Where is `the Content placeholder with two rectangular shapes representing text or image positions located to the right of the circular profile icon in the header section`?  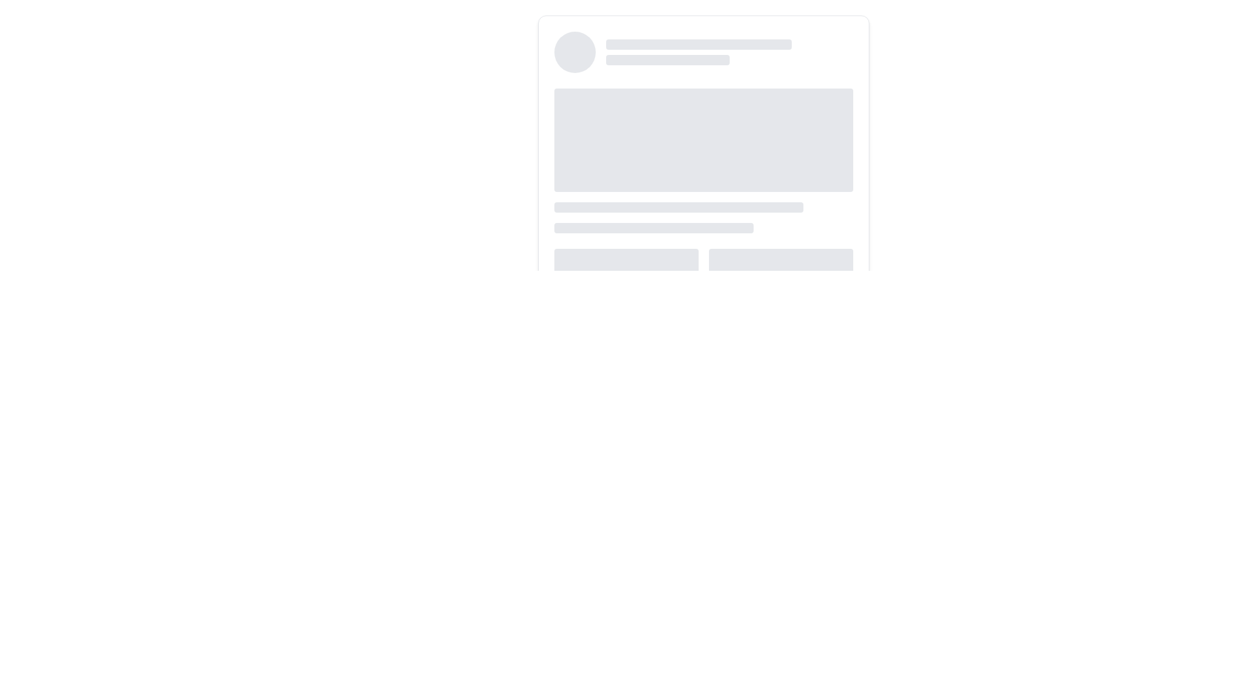 the Content placeholder with two rectangular shapes representing text or image positions located to the right of the circular profile icon in the header section is located at coordinates (730, 52).